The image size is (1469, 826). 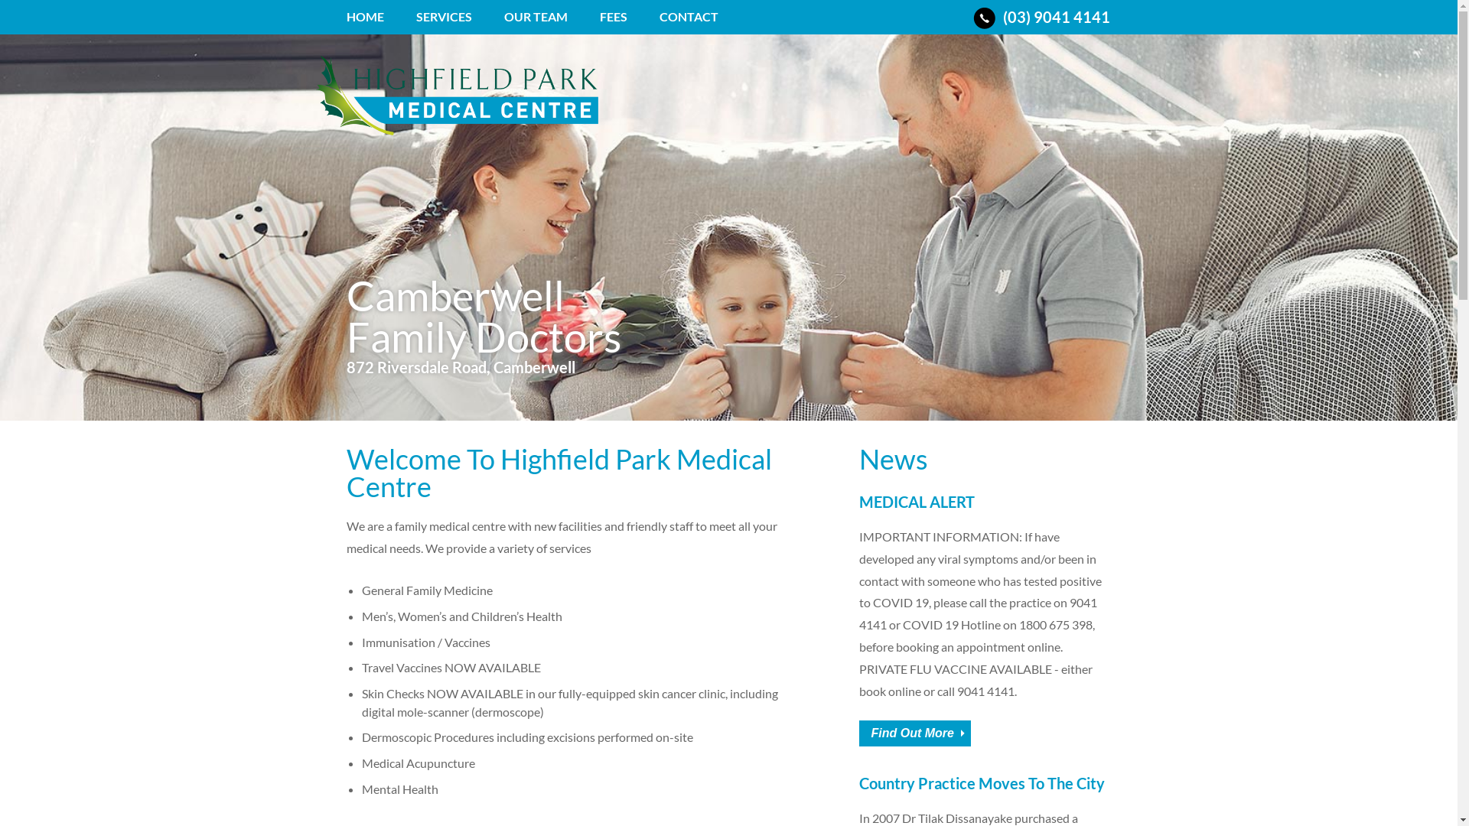 I want to click on 'SERVICES', so click(x=443, y=23).